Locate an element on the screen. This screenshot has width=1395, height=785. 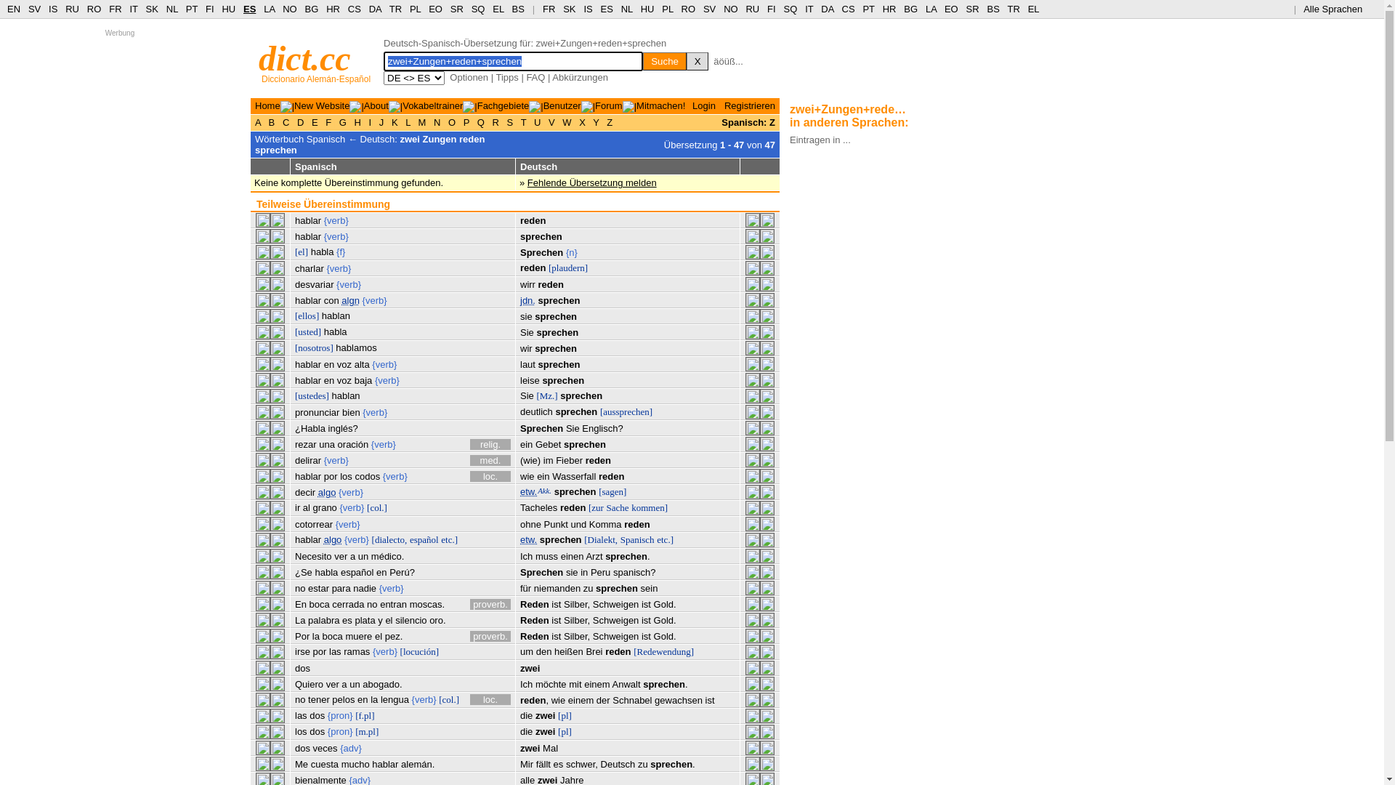
'B' is located at coordinates (265, 121).